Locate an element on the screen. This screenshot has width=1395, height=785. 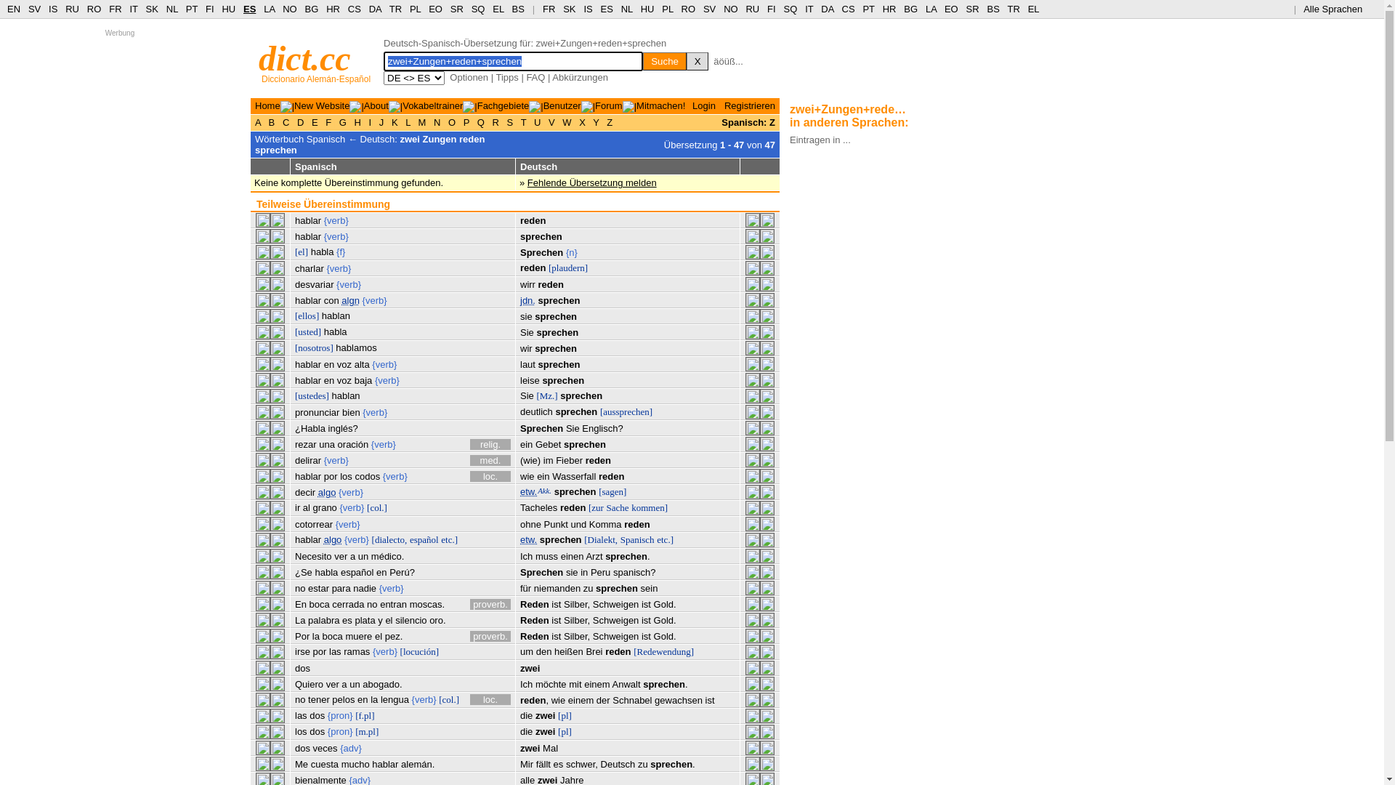
'B' is located at coordinates (265, 121).